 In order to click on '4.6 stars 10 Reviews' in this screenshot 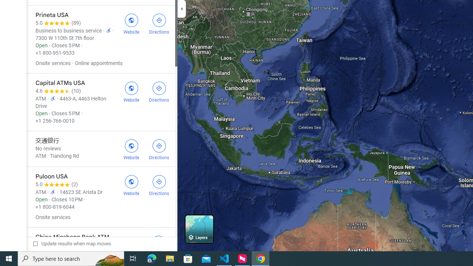, I will do `click(58, 91)`.